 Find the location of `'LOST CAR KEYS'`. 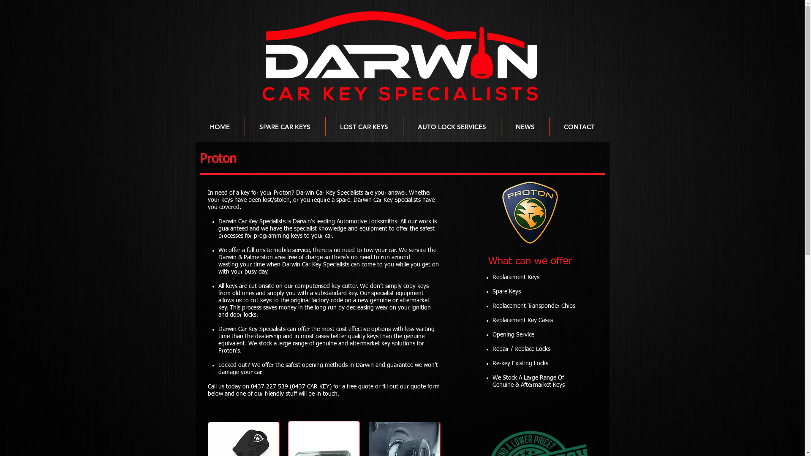

'LOST CAR KEYS' is located at coordinates (364, 127).